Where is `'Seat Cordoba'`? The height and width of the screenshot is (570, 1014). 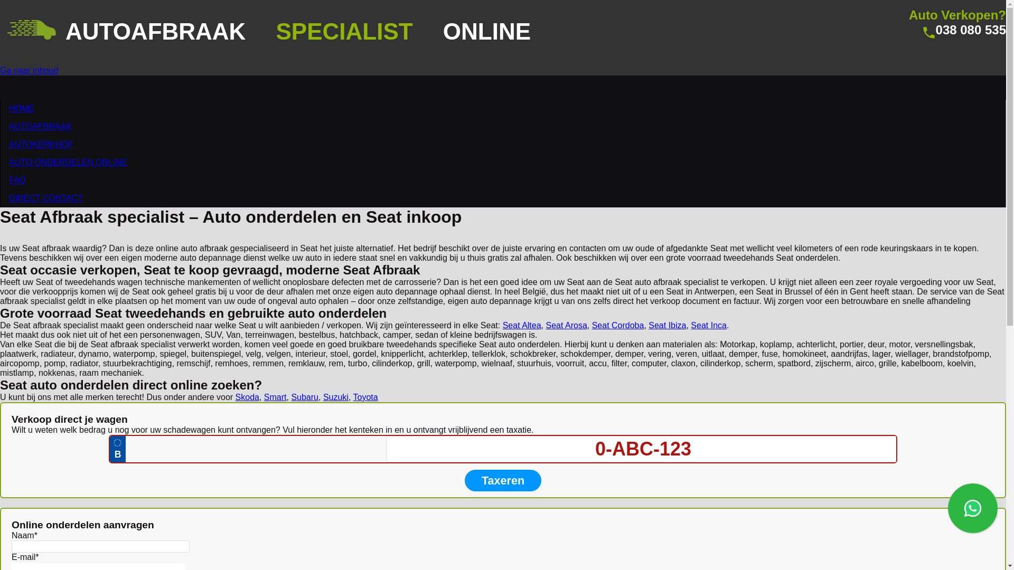 'Seat Cordoba' is located at coordinates (618, 325).